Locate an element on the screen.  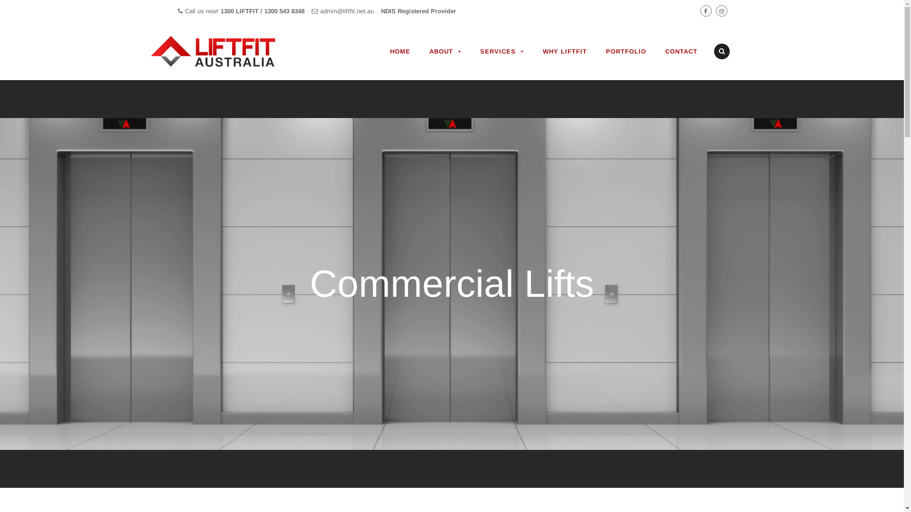
'Lift Fit' is located at coordinates (224, 51).